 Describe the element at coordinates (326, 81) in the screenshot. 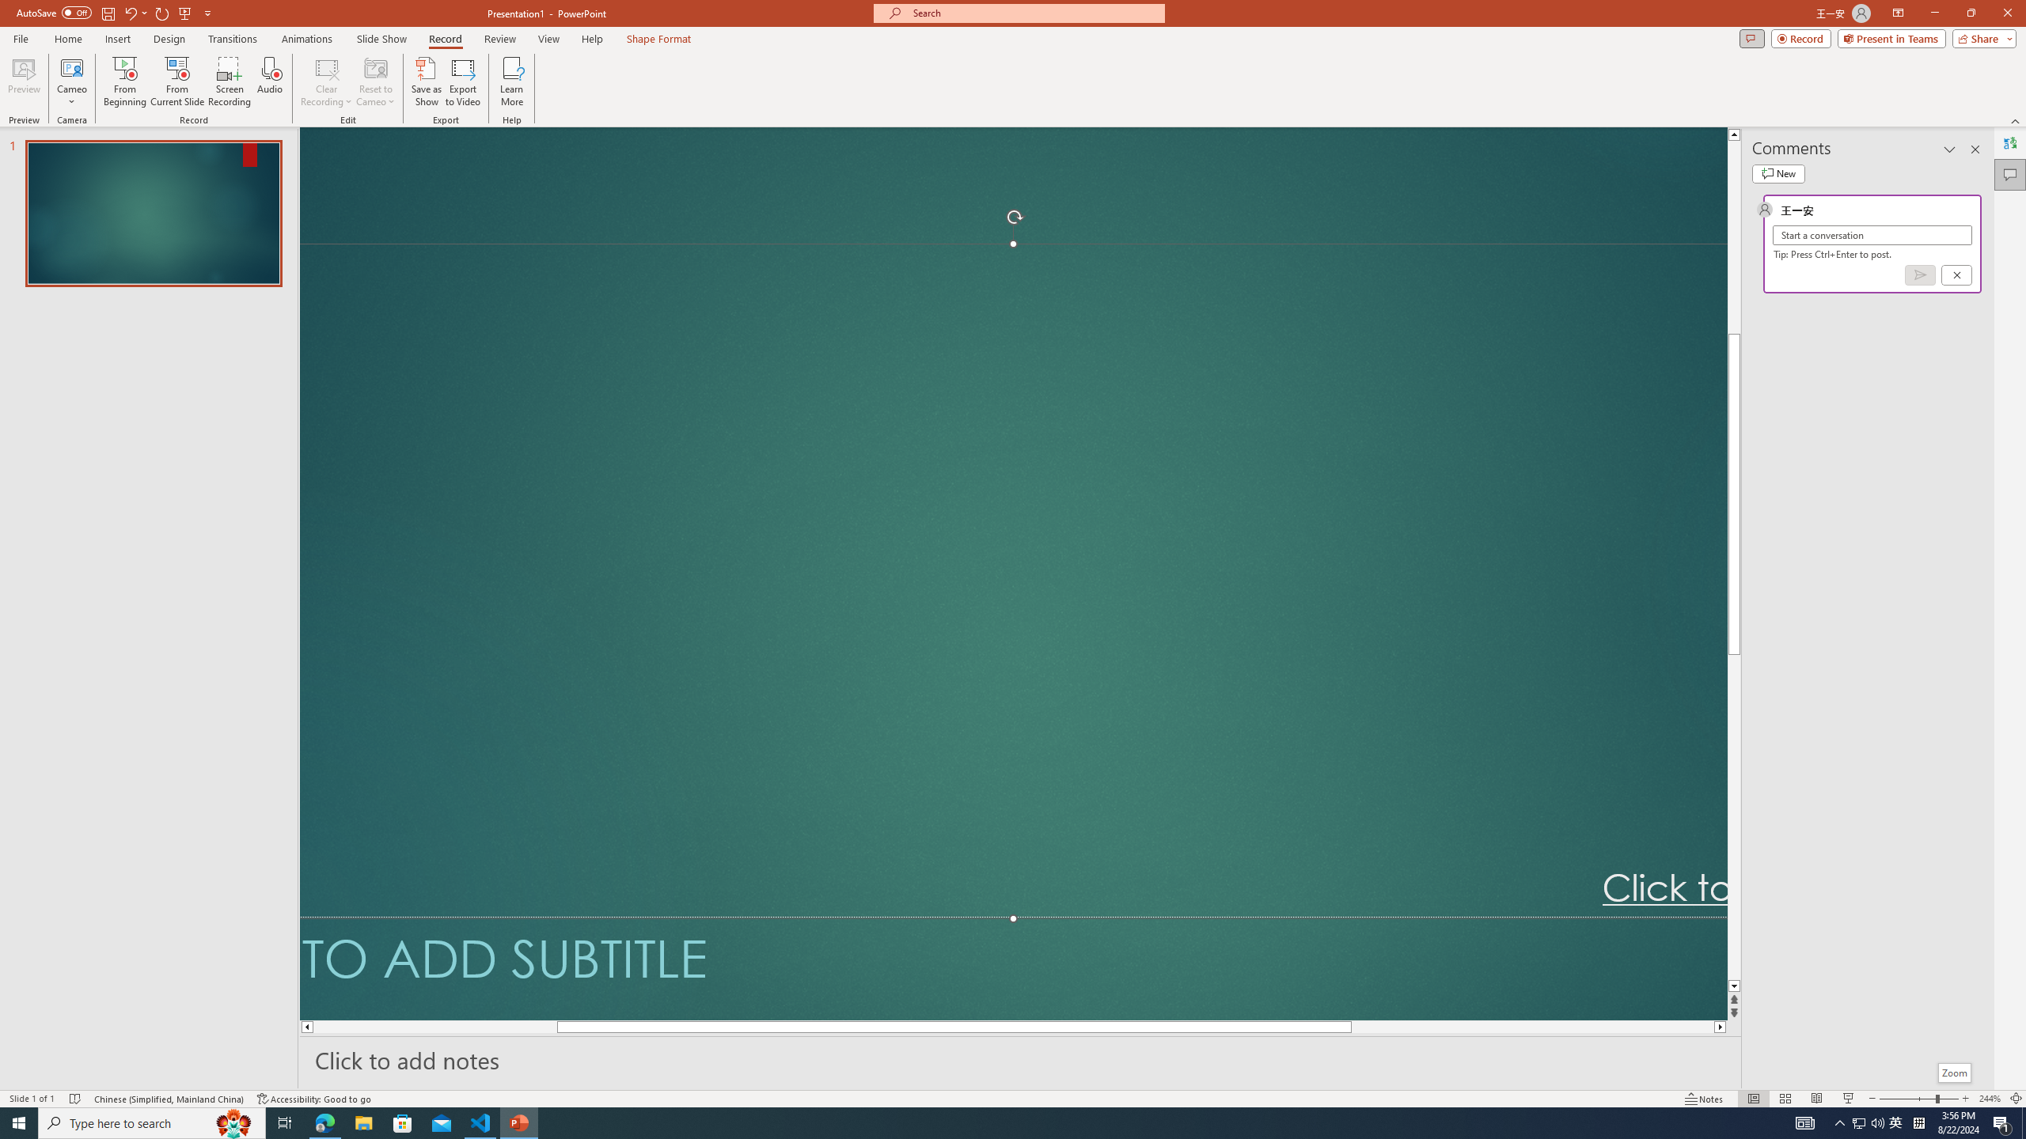

I see `'Clear Recording'` at that location.